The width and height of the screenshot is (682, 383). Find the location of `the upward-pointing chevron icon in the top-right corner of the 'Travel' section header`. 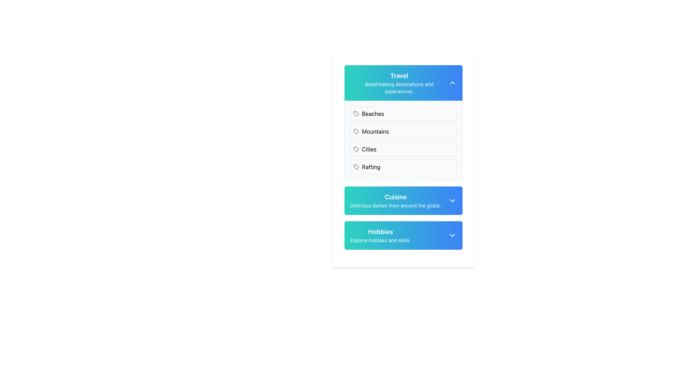

the upward-pointing chevron icon in the top-right corner of the 'Travel' section header is located at coordinates (452, 83).